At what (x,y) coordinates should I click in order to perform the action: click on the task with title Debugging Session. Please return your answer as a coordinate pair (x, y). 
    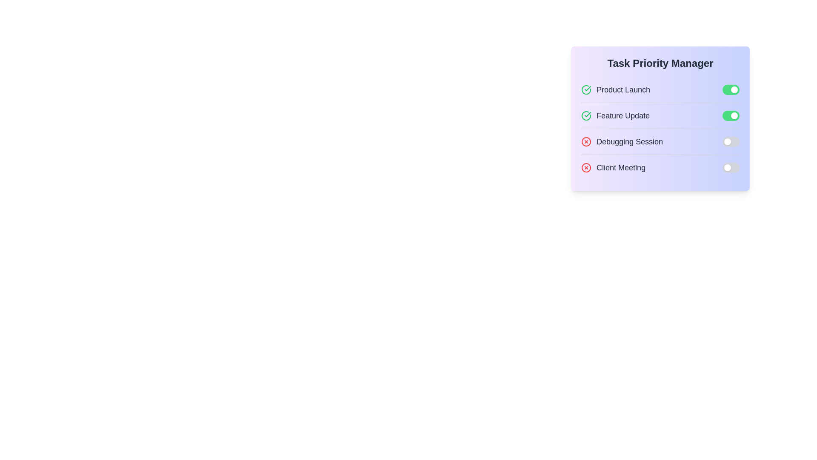
    Looking at the image, I should click on (622, 141).